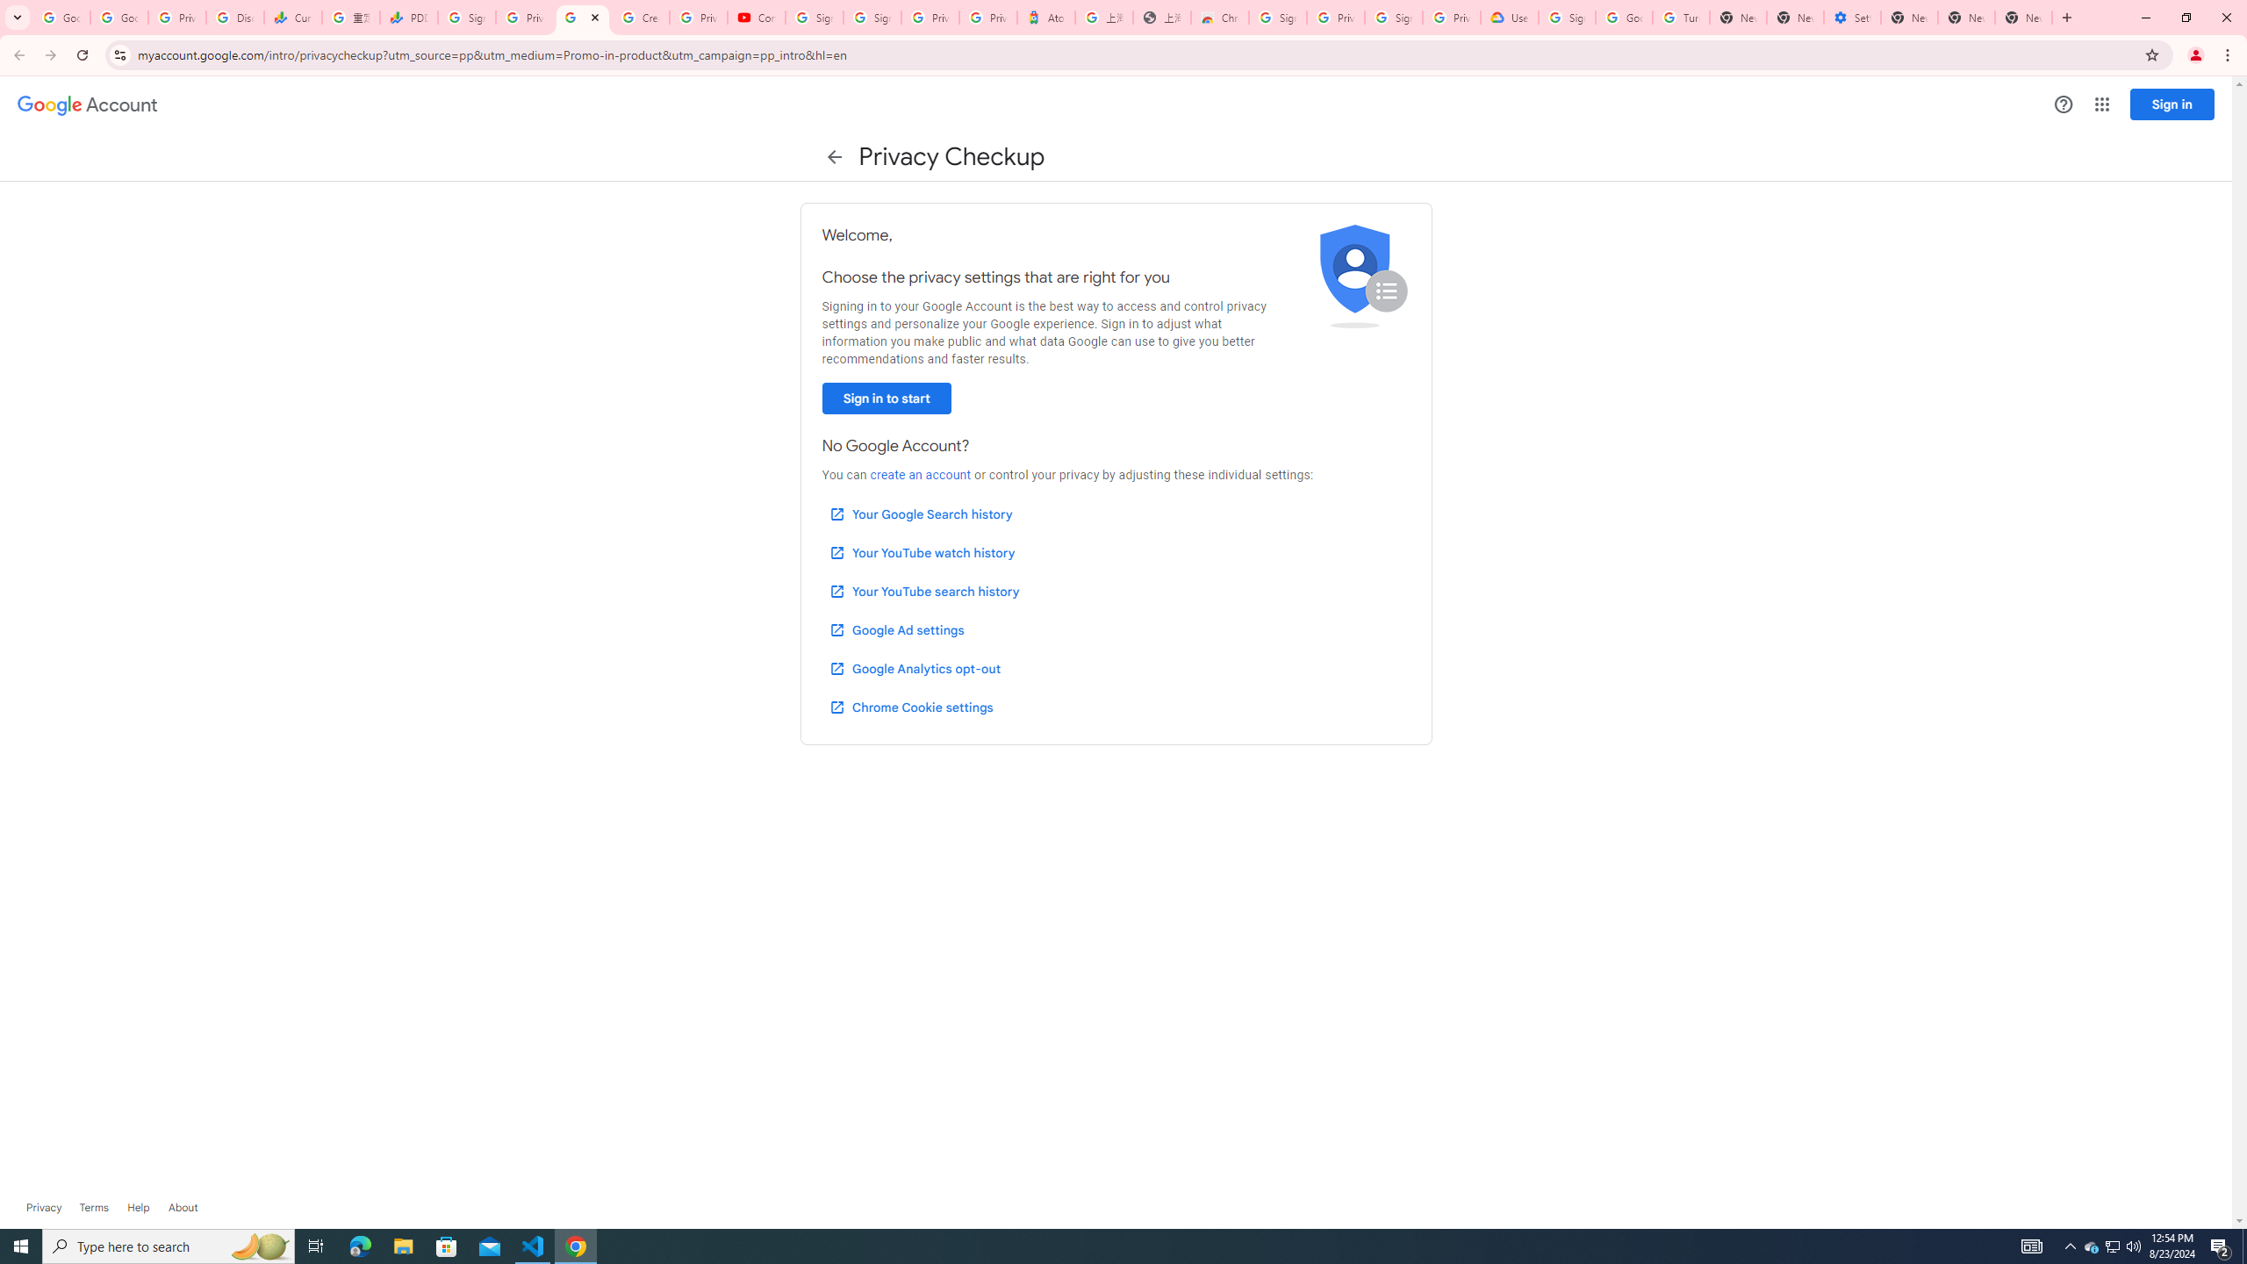 Image resolution: width=2247 pixels, height=1264 pixels. What do you see at coordinates (1135, 54) in the screenshot?
I see `'Address and search bar'` at bounding box center [1135, 54].